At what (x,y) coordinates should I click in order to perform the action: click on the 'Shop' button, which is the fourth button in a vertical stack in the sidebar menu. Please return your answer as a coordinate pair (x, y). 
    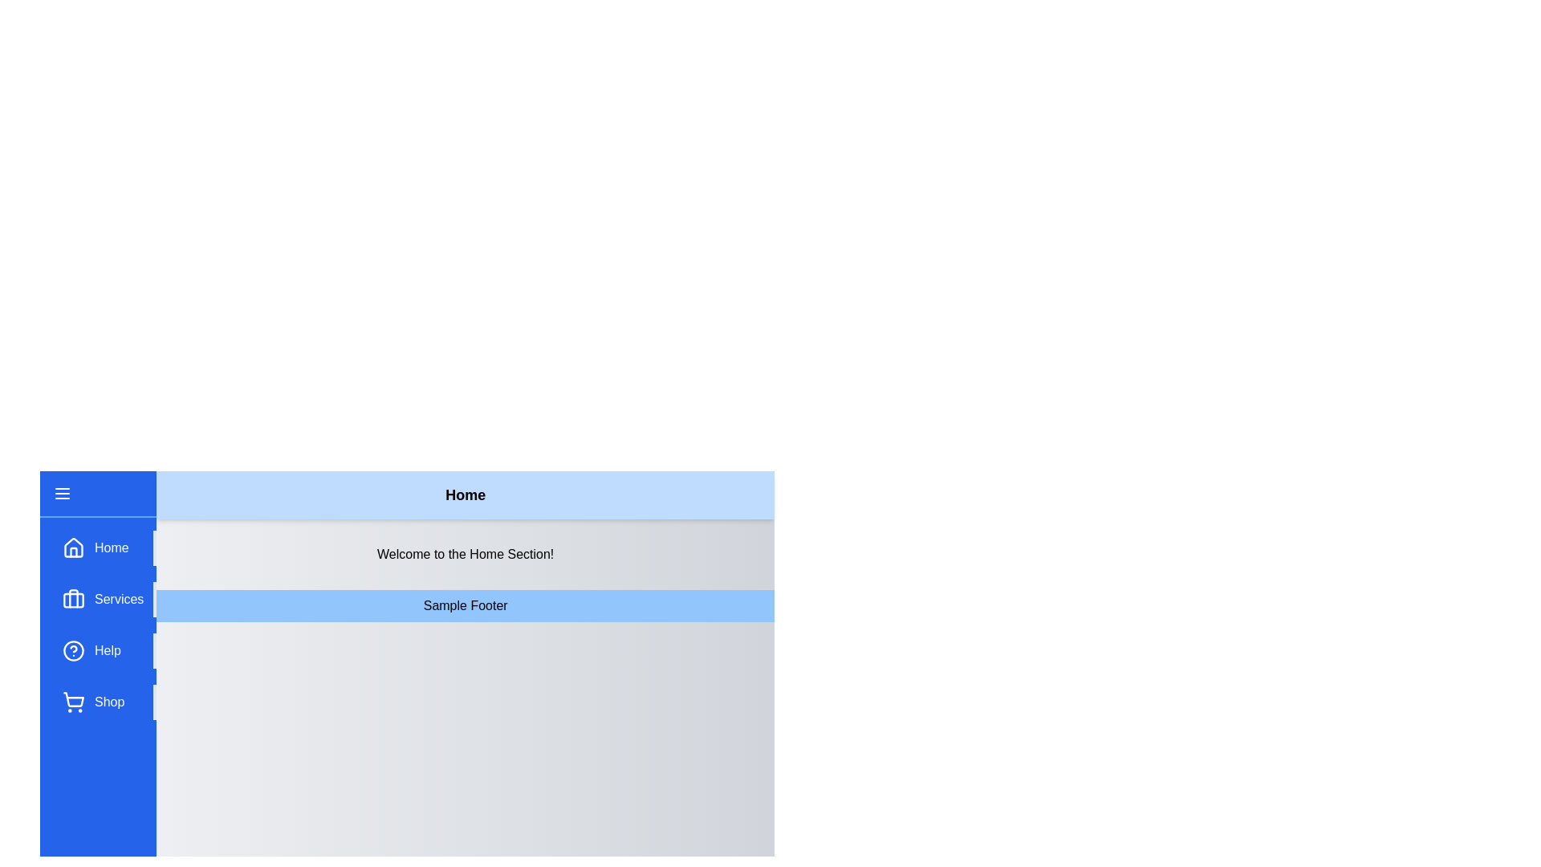
    Looking at the image, I should click on (104, 702).